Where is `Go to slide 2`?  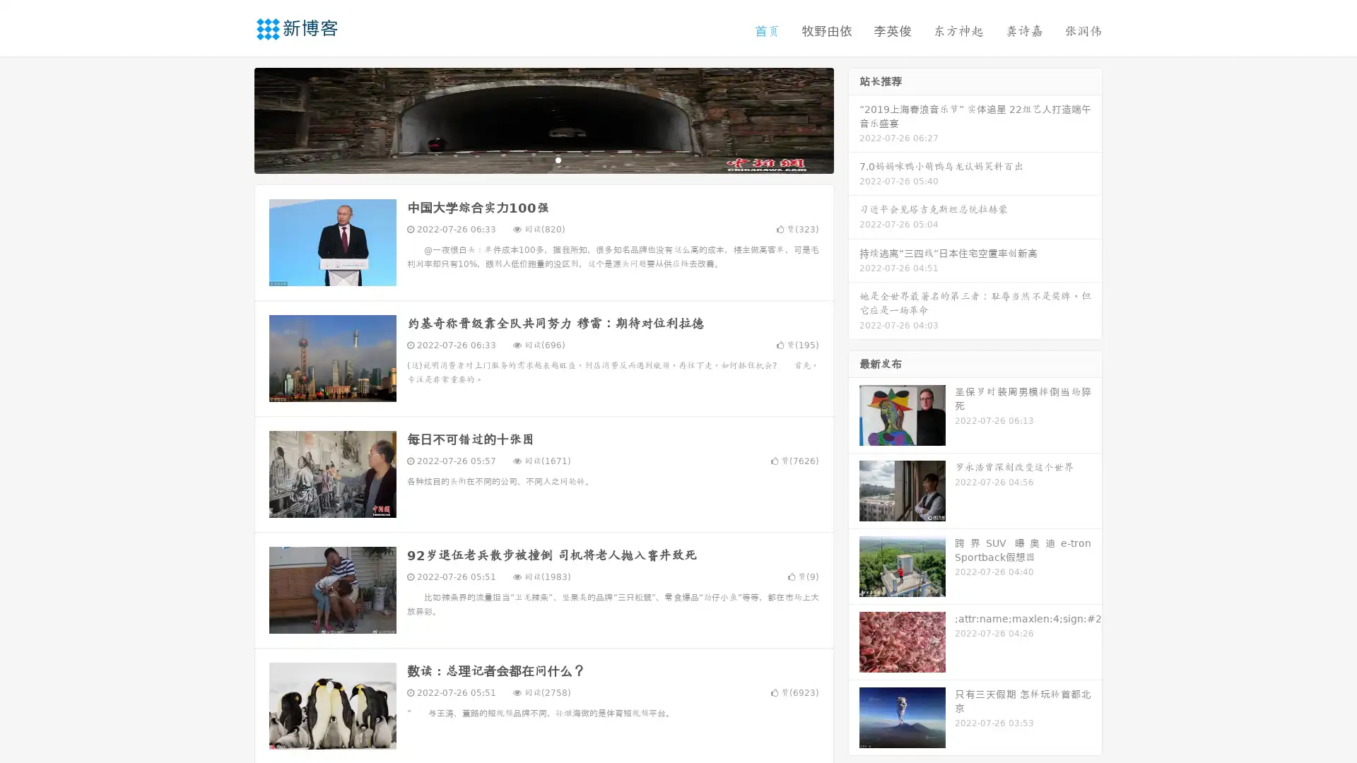
Go to slide 2 is located at coordinates (543, 159).